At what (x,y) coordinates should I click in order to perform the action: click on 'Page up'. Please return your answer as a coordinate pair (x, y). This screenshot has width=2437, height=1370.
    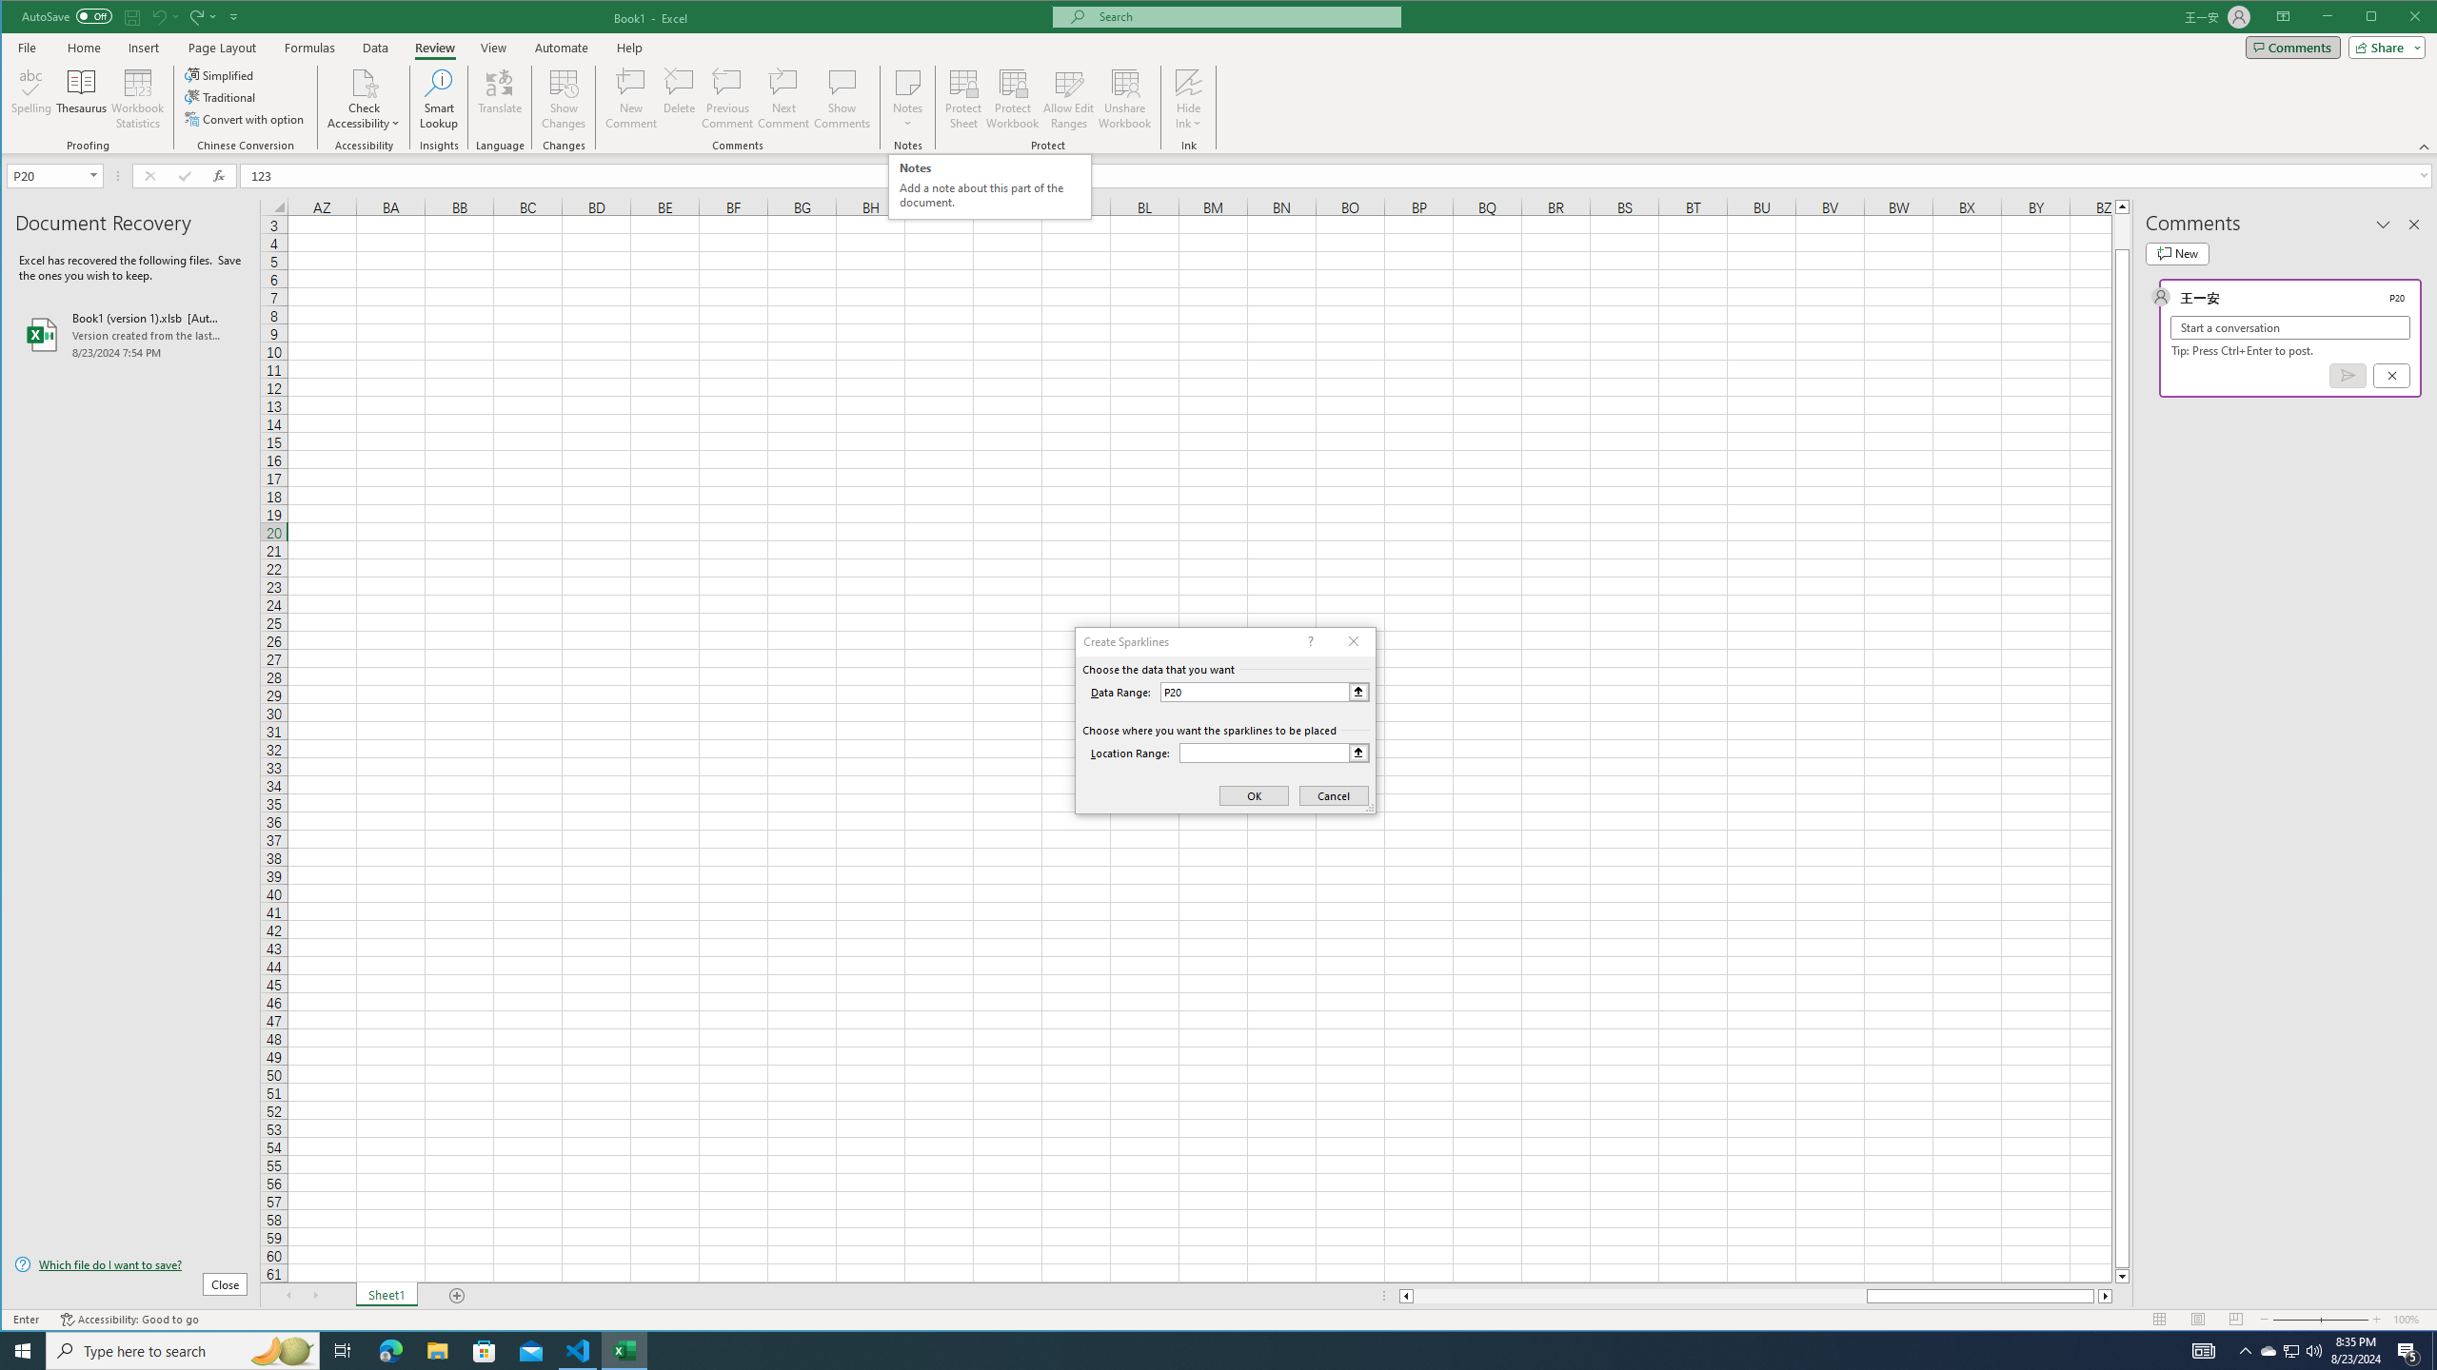
    Looking at the image, I should click on (2122, 230).